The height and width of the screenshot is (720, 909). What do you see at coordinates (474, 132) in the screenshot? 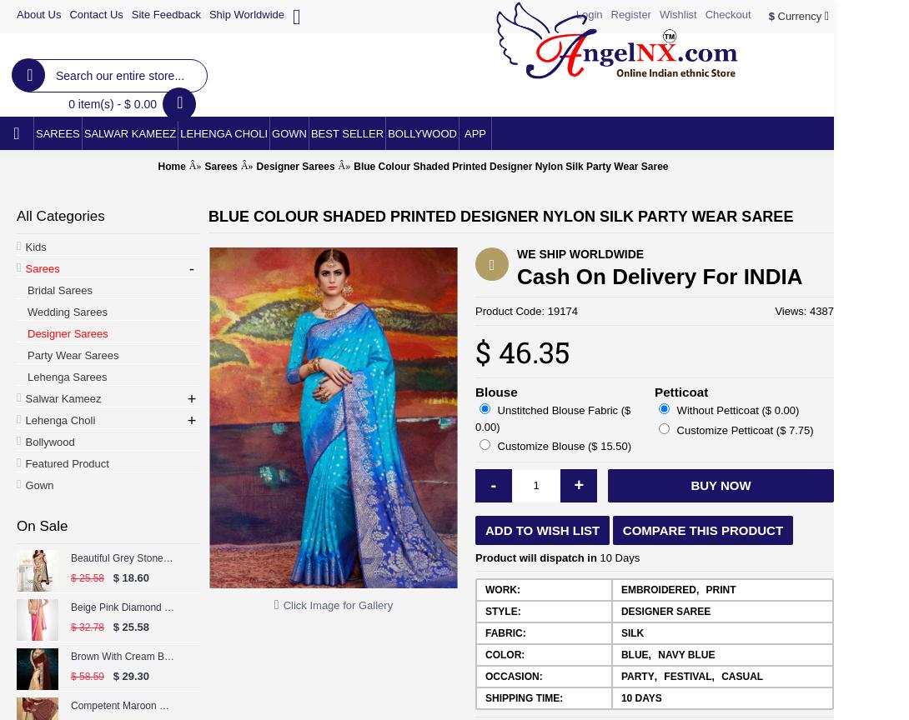
I see `'App'` at bounding box center [474, 132].